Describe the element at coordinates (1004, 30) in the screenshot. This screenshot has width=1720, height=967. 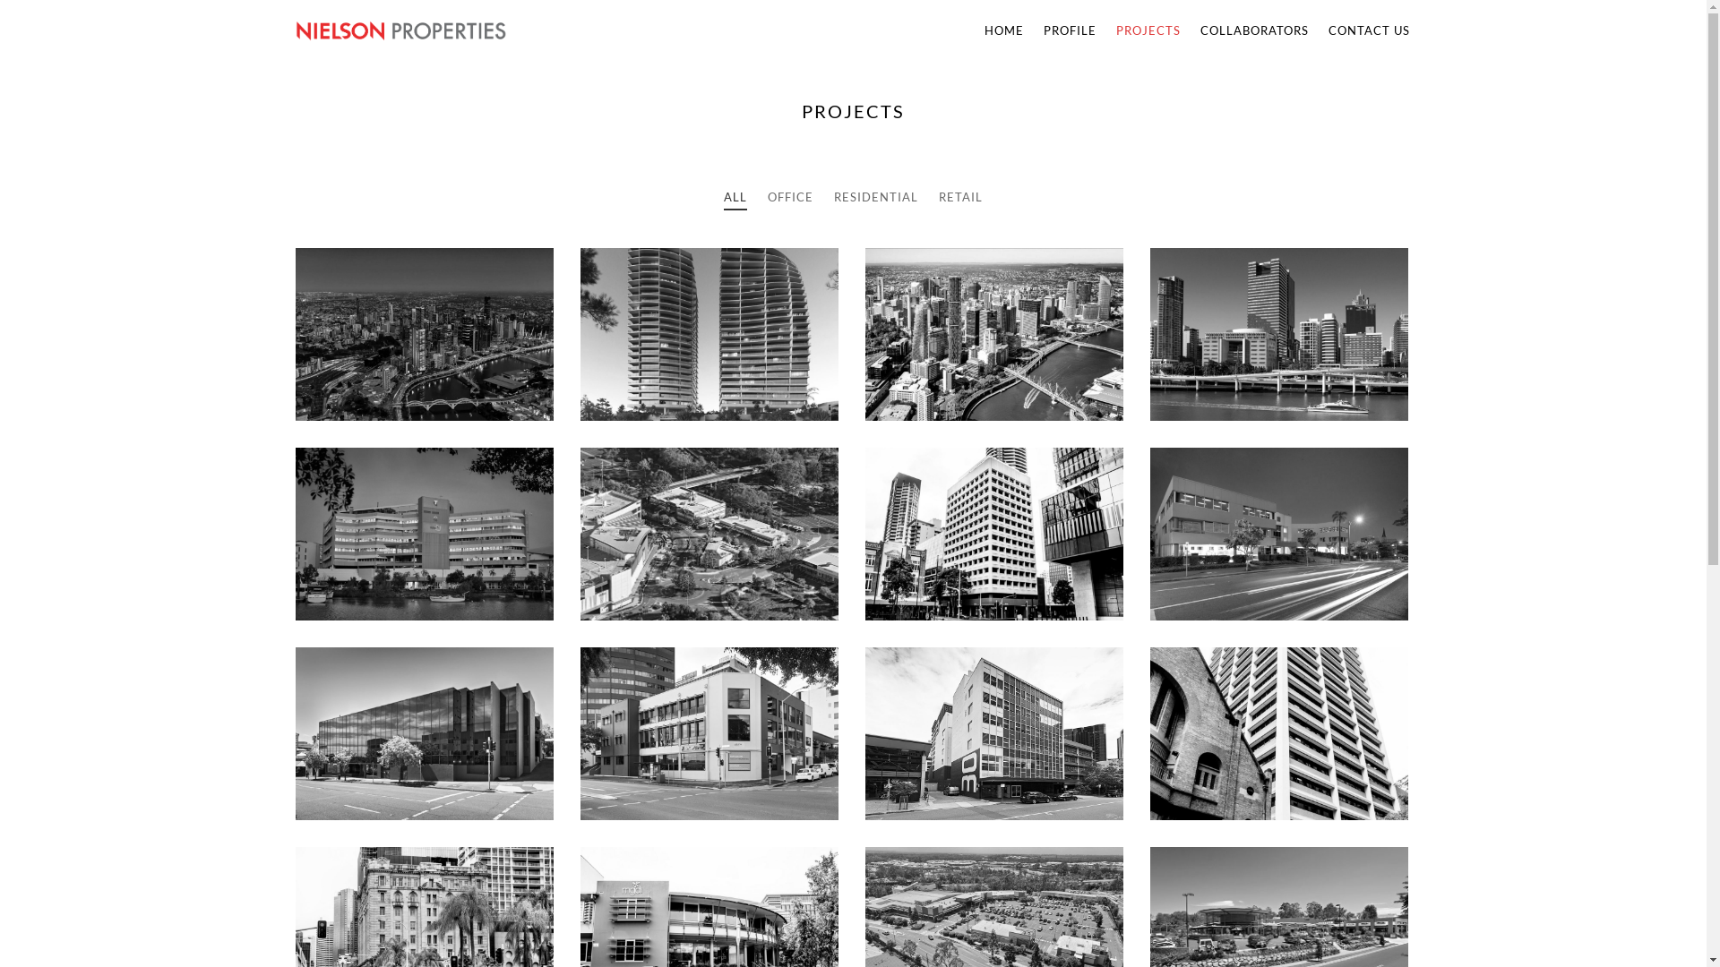
I see `'HOME'` at that location.